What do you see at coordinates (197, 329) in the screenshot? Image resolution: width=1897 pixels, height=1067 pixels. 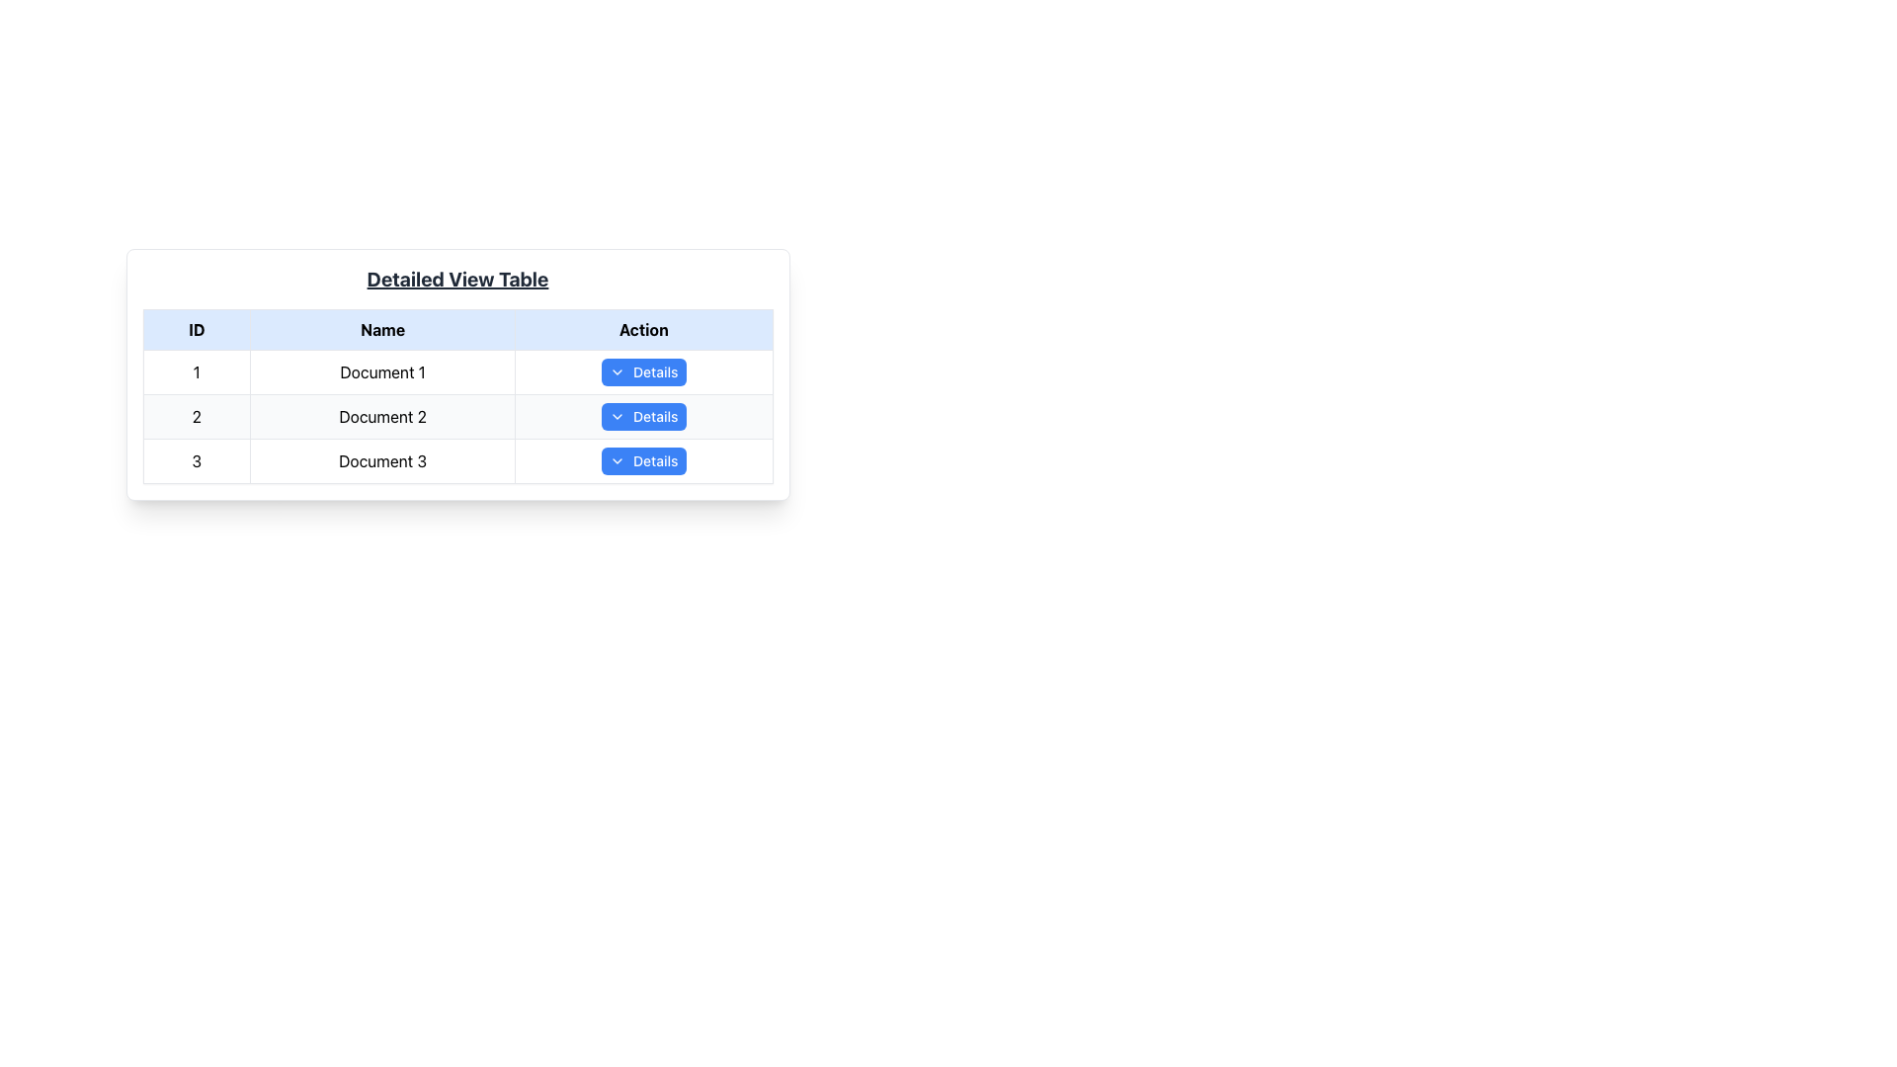 I see `the leftmost Table Header Cell that labels the column for IDs in the Detailed View Table for potential interaction` at bounding box center [197, 329].